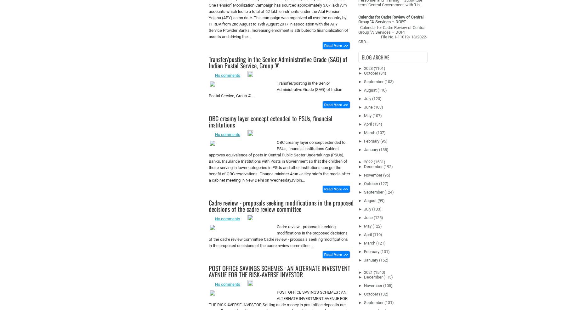 The height and width of the screenshot is (310, 562). I want to click on '(1101)', so click(379, 68).